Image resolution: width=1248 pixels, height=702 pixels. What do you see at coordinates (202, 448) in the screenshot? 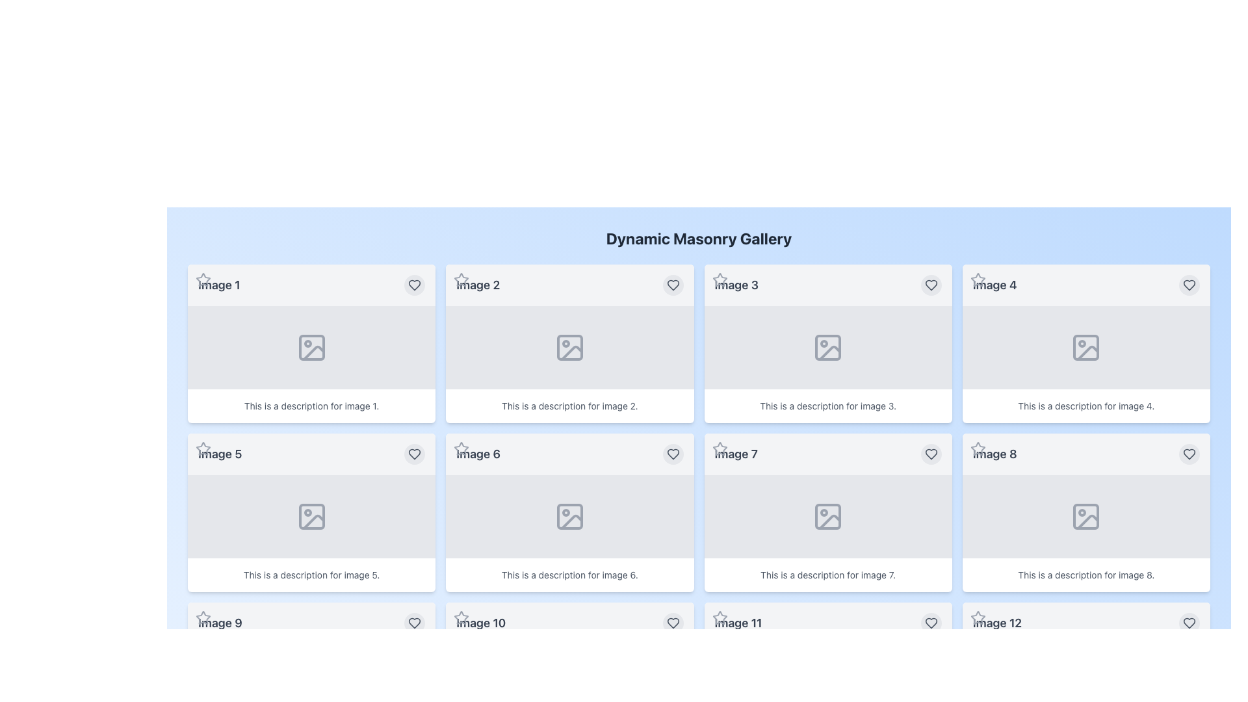
I see `the star-shaped interactive icon located in the top-left corner of the image card titled 'Image 5' to interact with it` at bounding box center [202, 448].